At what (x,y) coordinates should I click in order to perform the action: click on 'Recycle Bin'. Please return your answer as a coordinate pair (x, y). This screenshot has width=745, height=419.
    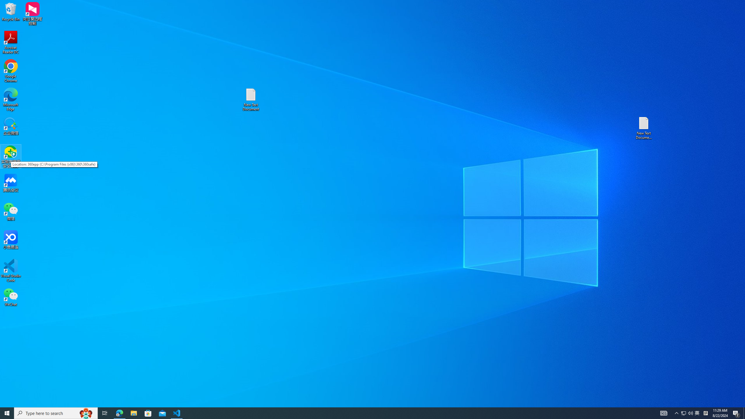
    Looking at the image, I should click on (10, 11).